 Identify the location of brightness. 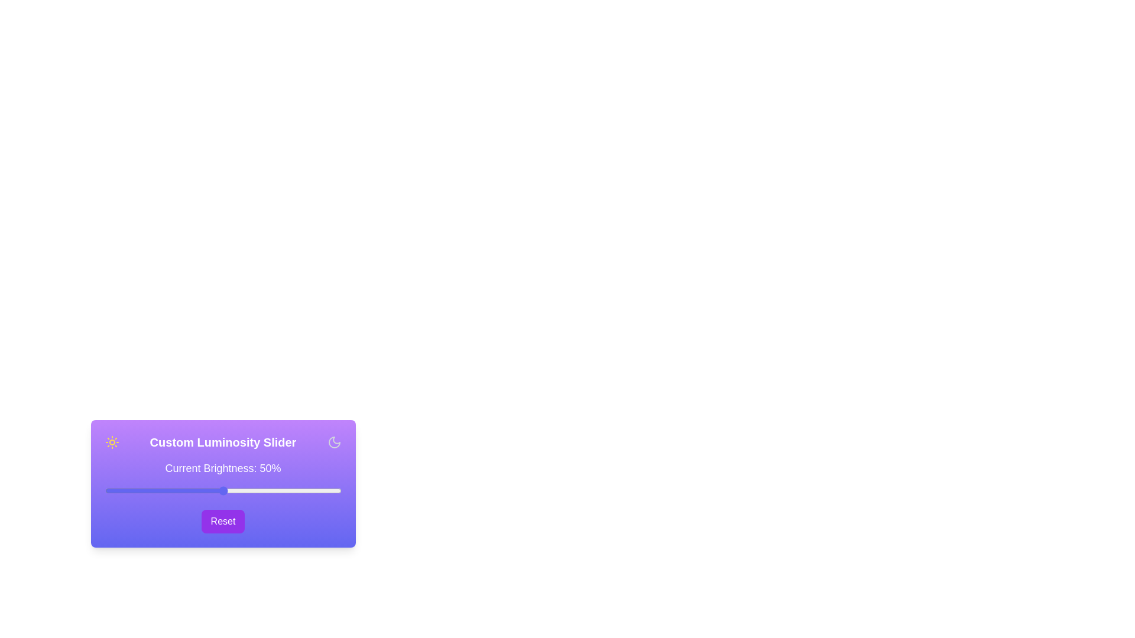
(114, 490).